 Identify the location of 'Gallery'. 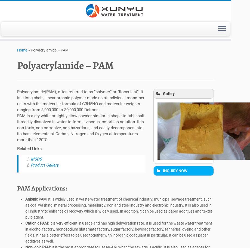
(169, 95).